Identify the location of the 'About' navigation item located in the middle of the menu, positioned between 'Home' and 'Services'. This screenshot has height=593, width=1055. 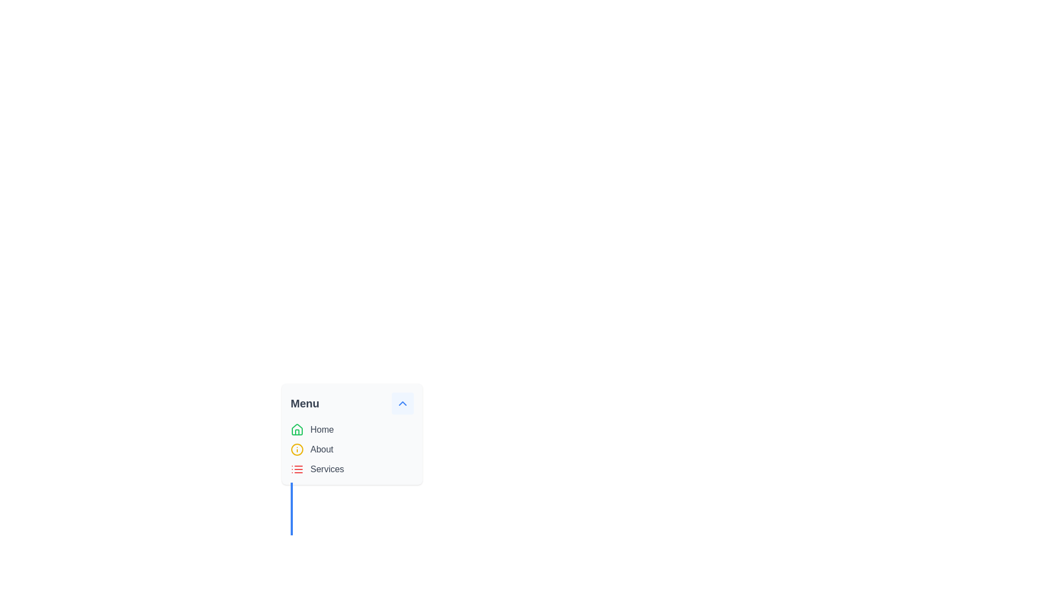
(352, 449).